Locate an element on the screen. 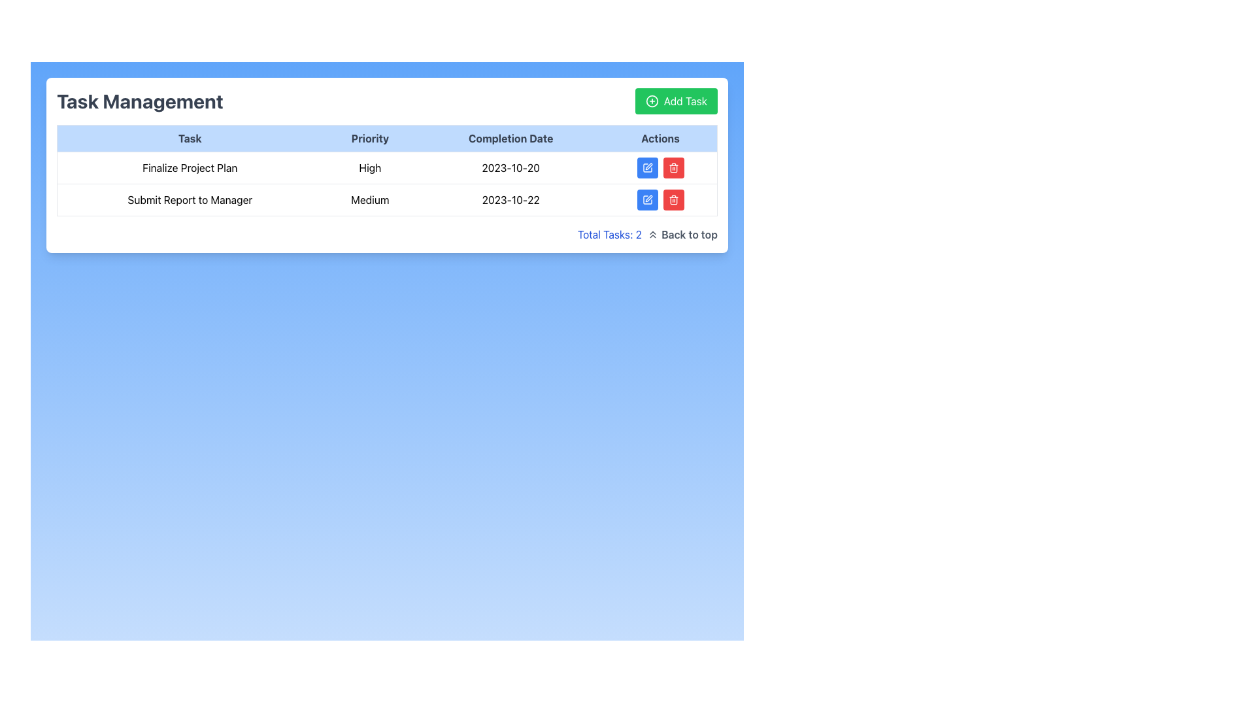  the horizontally aligned group of action buttons styled in blue and red within the 'Actions' column of the task management table for the task 'Finalize Project Plan' is located at coordinates (660, 167).